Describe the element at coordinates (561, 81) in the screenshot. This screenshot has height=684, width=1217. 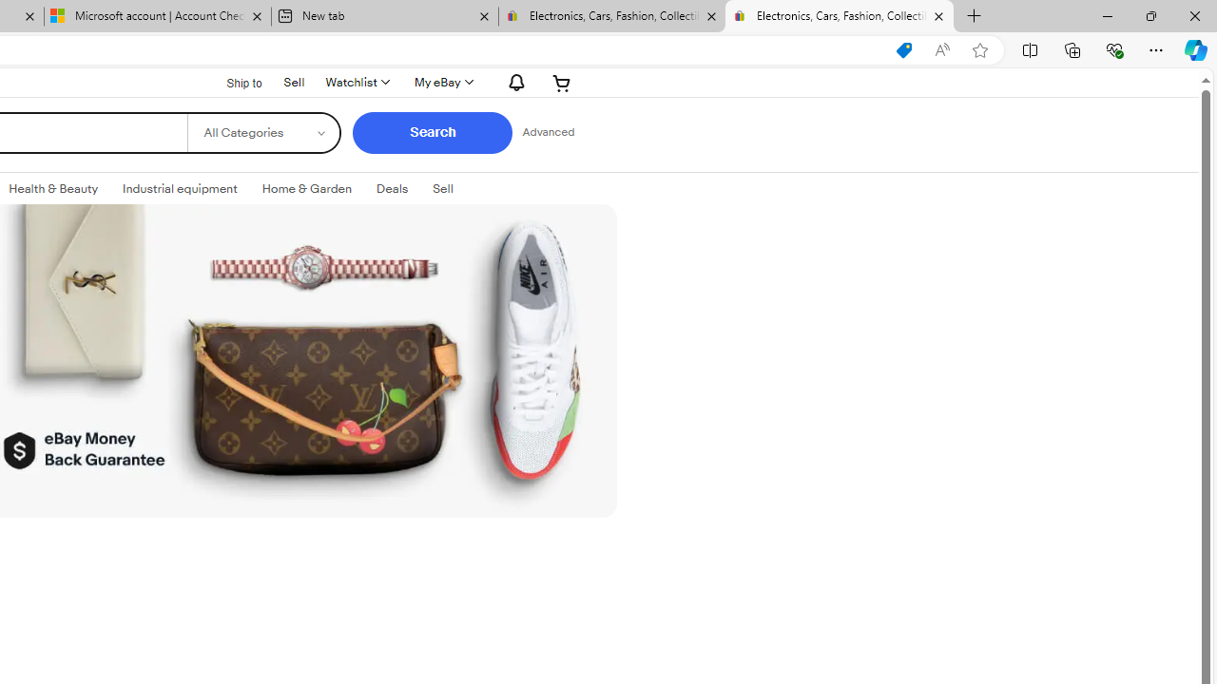
I see `'Expand Cart'` at that location.